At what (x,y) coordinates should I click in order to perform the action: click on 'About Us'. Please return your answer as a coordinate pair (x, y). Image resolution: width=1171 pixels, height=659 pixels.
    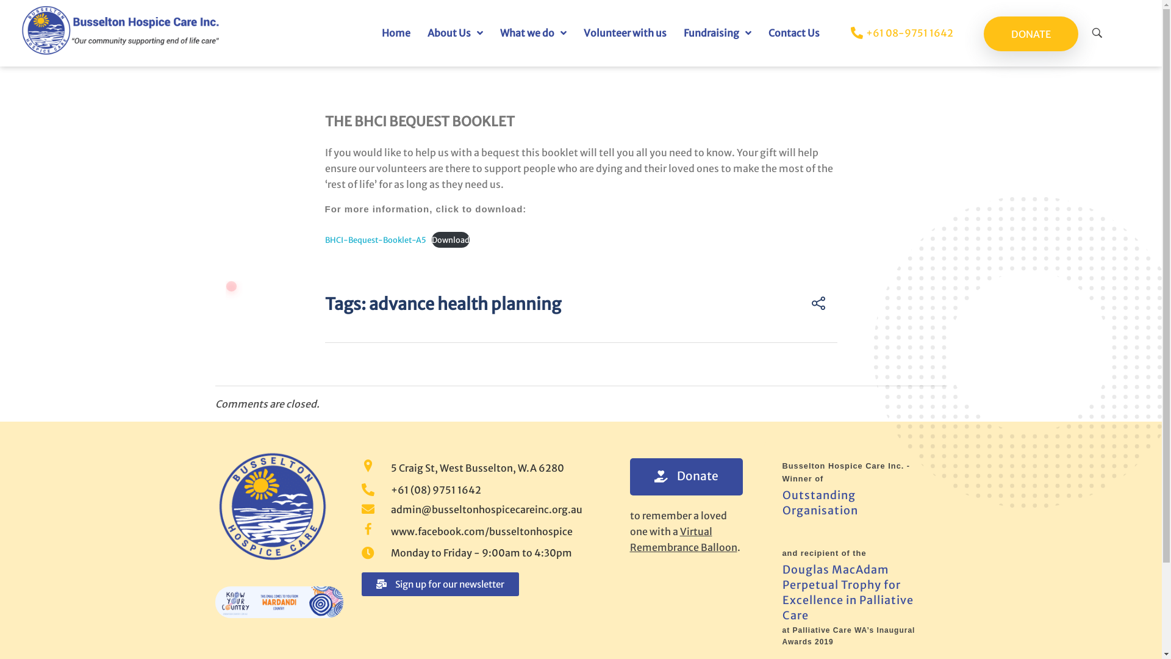
    Looking at the image, I should click on (454, 32).